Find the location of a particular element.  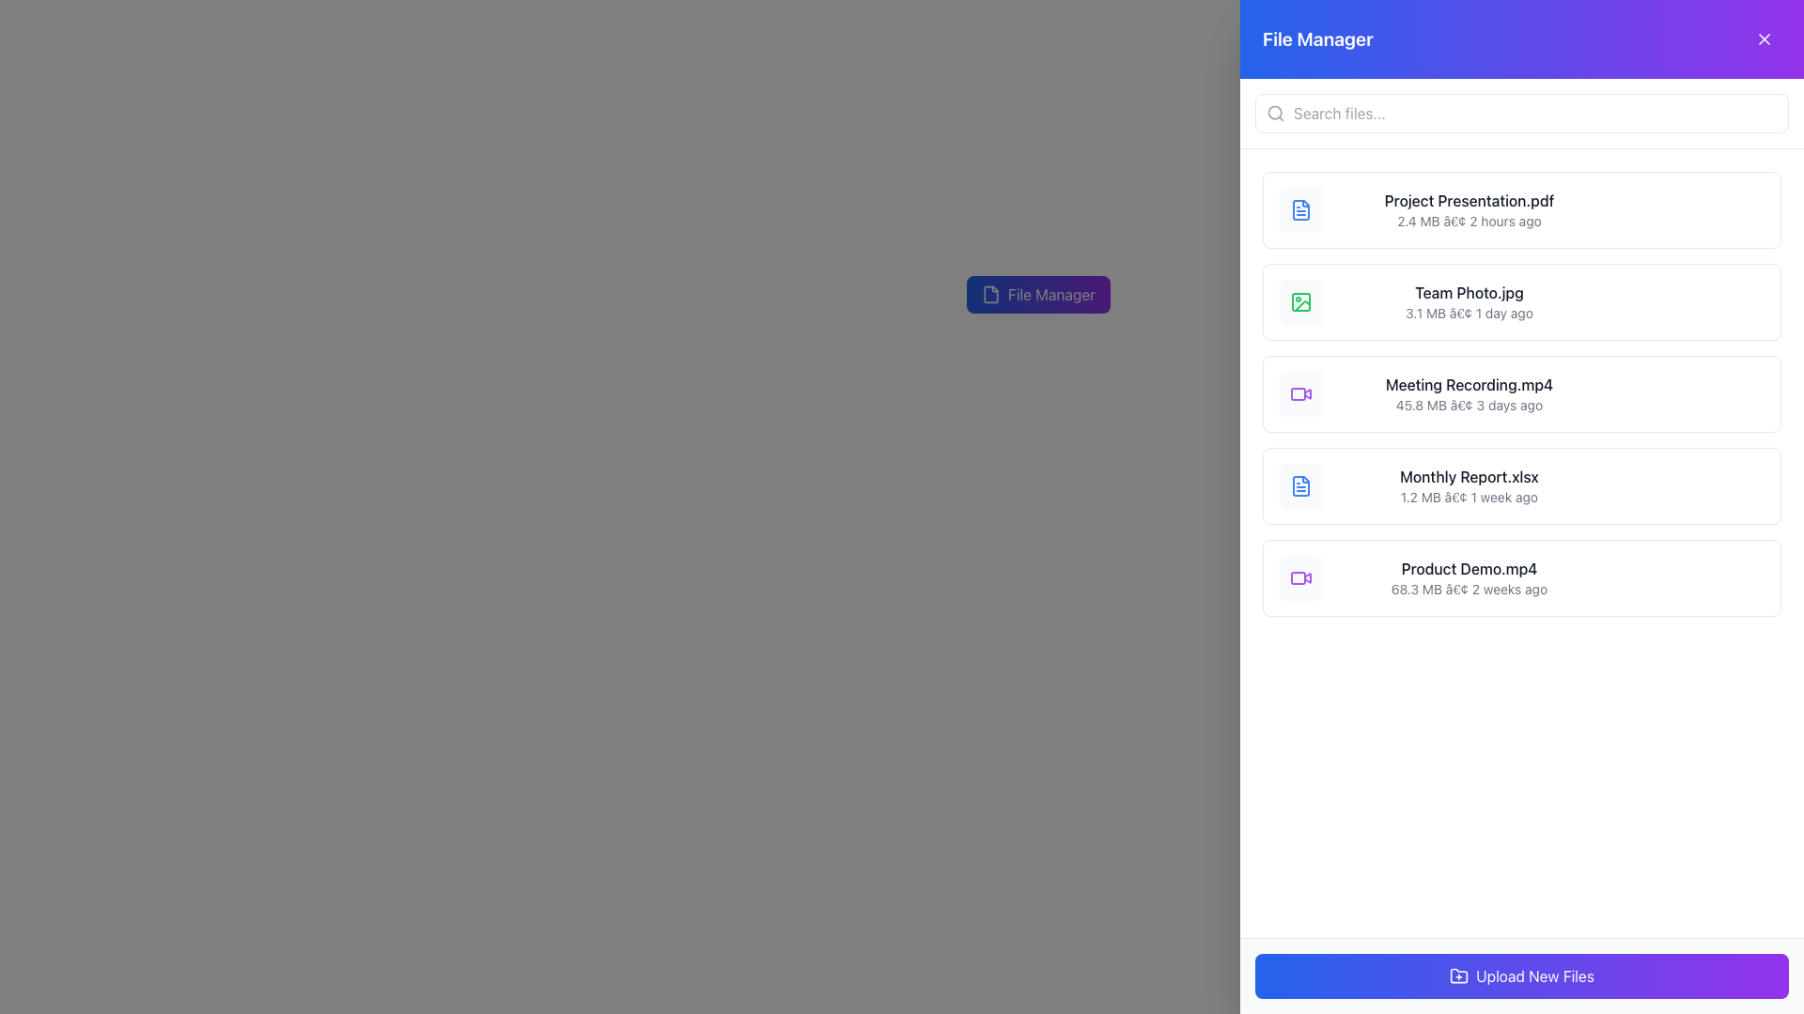

the file icon representing 'Project Presentation.pdf' to change its background color is located at coordinates (1300, 209).